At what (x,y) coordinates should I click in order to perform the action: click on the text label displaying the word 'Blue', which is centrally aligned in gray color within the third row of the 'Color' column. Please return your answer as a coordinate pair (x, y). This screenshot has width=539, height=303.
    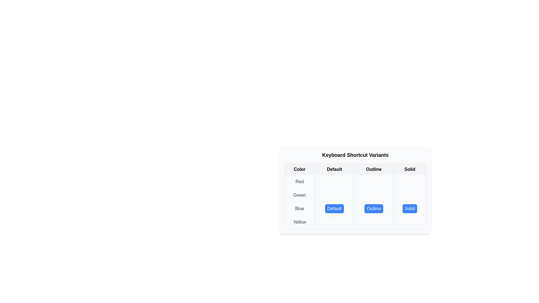
    Looking at the image, I should click on (299, 209).